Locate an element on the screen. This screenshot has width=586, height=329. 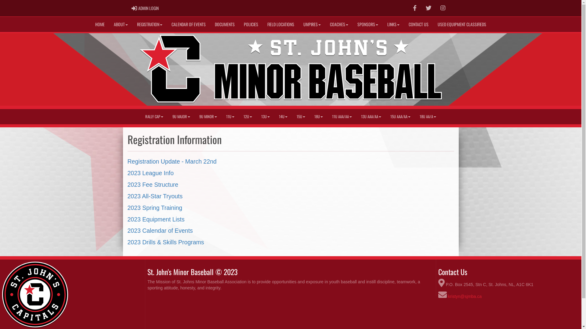
'CONTACT US' is located at coordinates (418, 24).